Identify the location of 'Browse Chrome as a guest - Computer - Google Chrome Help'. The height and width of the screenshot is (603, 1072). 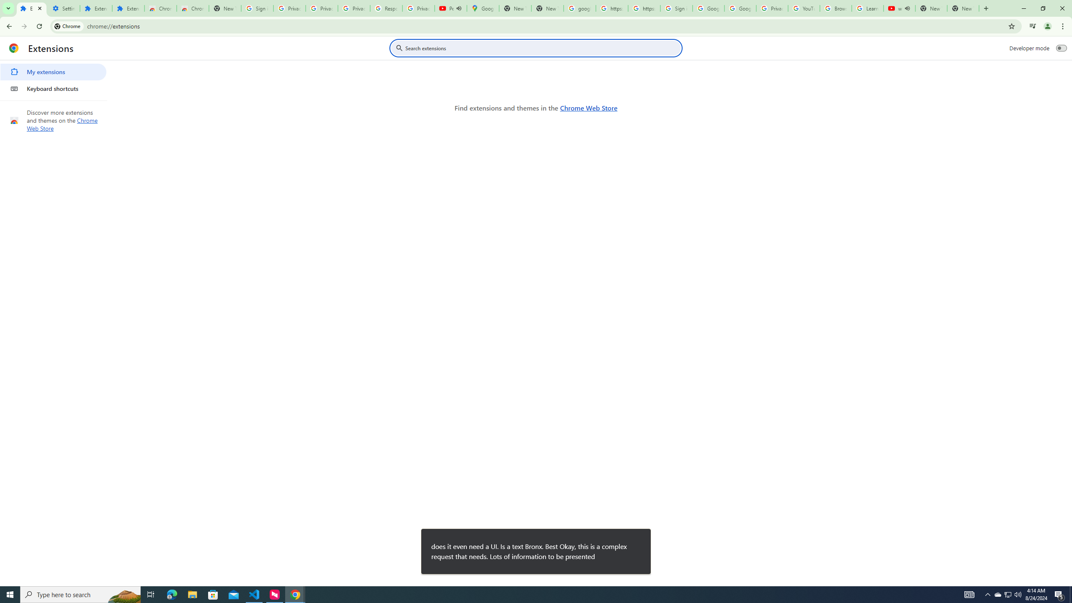
(835, 8).